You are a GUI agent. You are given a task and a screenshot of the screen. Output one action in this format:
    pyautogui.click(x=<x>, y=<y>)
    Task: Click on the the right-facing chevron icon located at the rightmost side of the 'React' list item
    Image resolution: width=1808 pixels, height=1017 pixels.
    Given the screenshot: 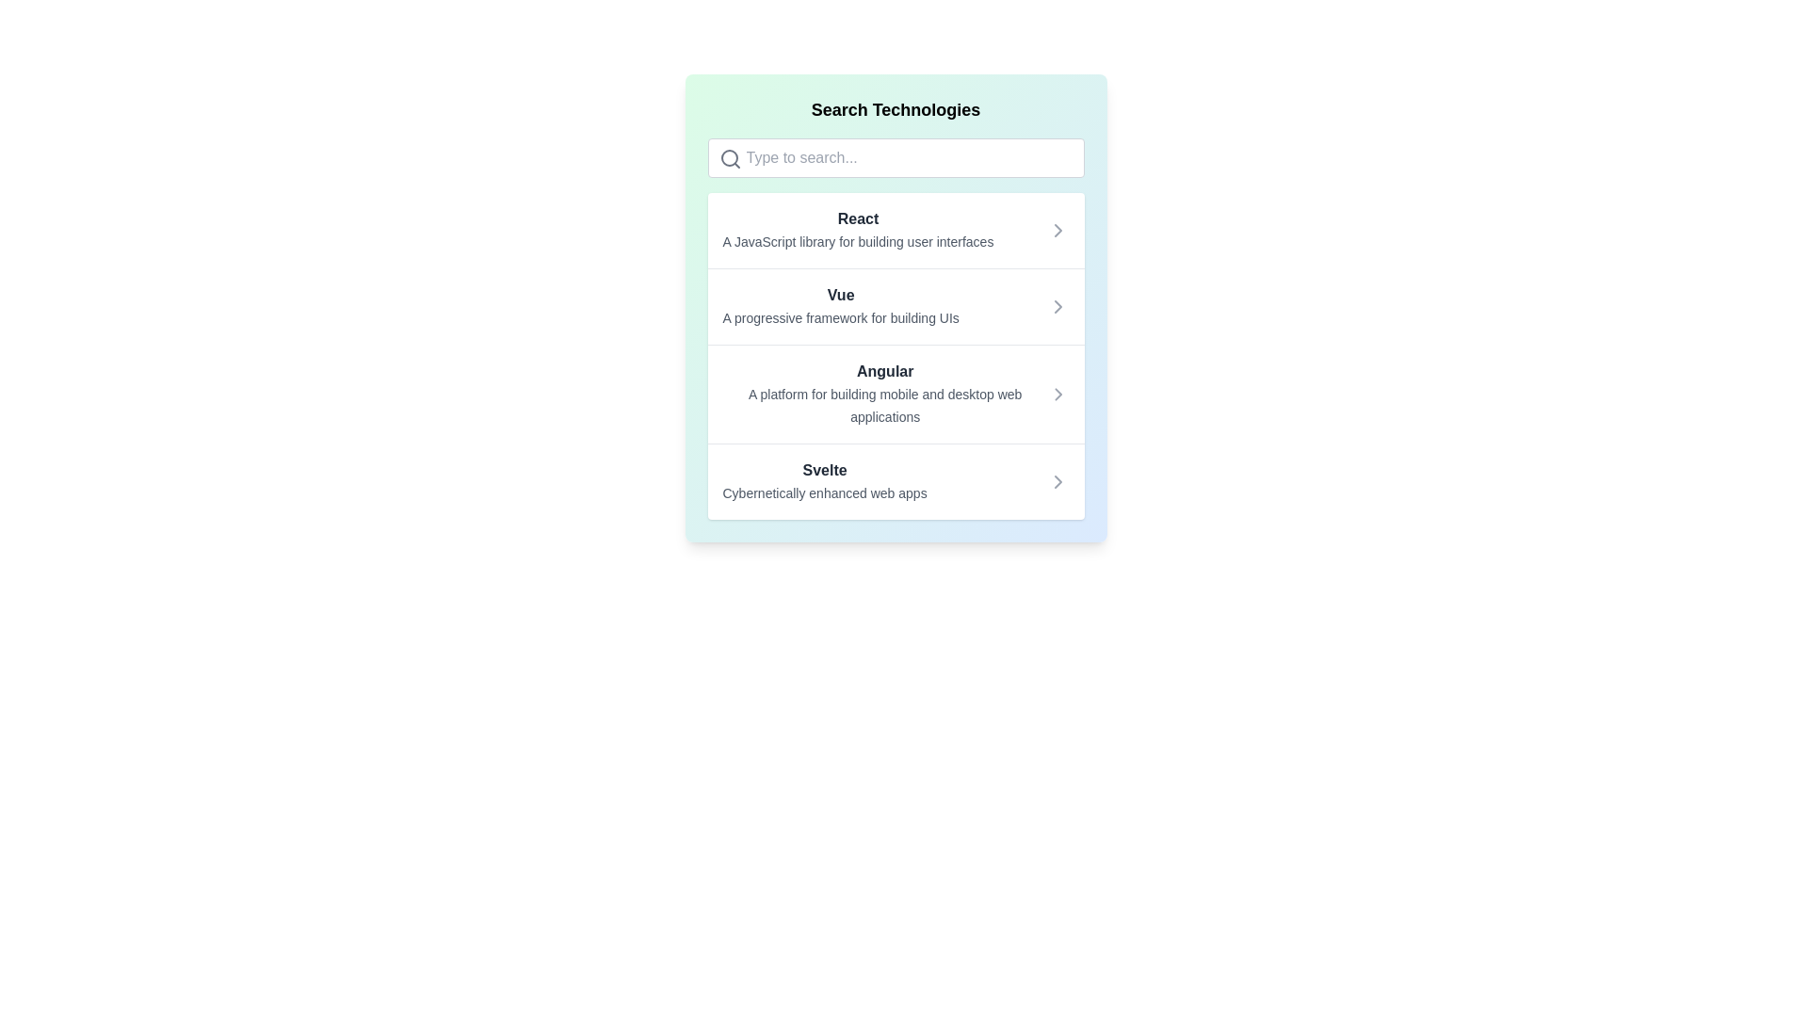 What is the action you would take?
    pyautogui.click(x=1057, y=230)
    